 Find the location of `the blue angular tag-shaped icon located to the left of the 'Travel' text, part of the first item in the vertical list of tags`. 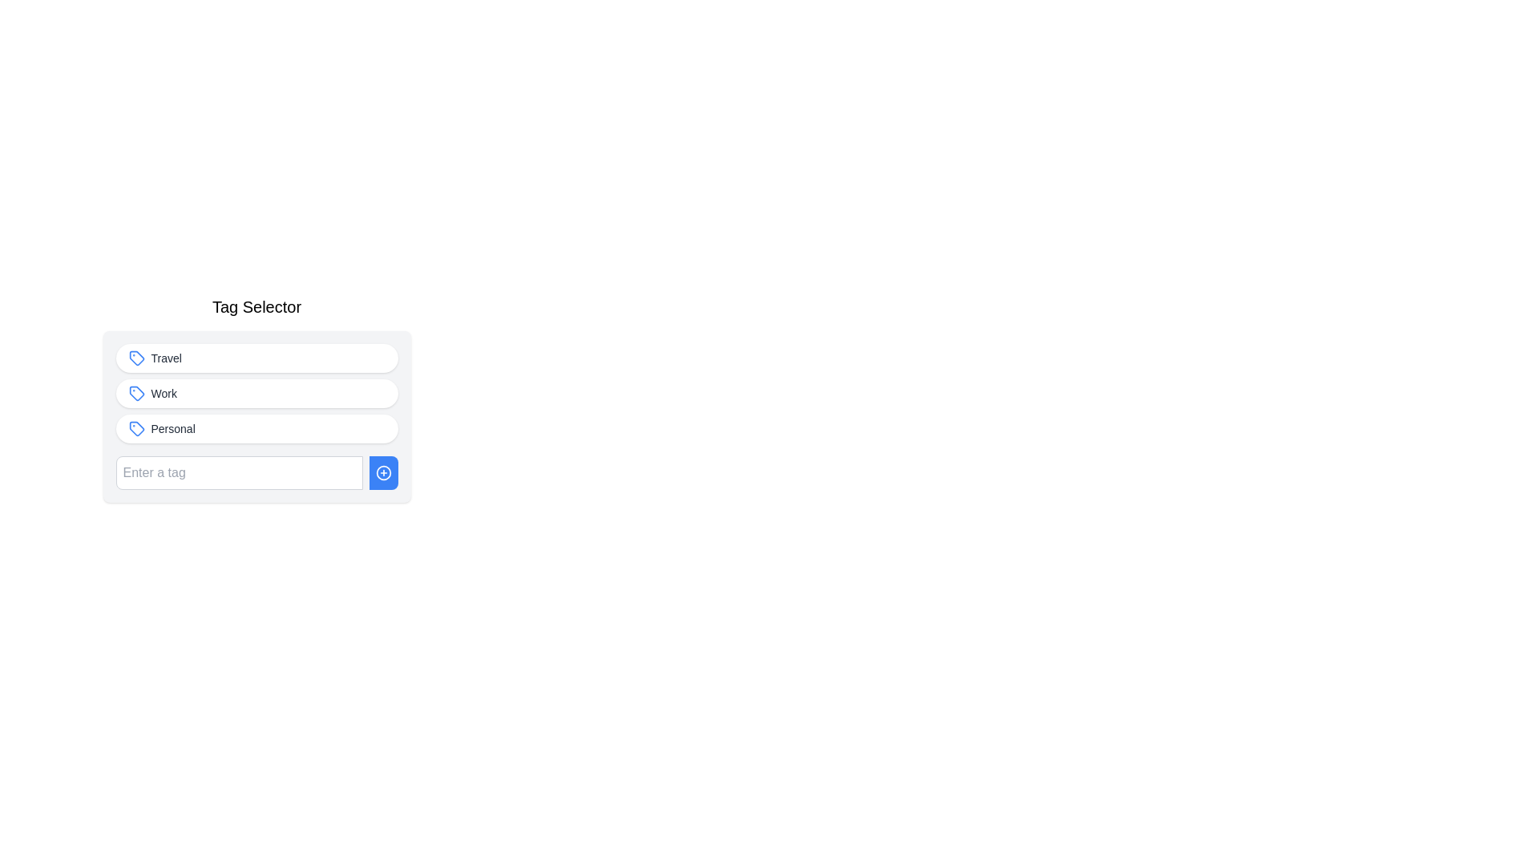

the blue angular tag-shaped icon located to the left of the 'Travel' text, part of the first item in the vertical list of tags is located at coordinates (136, 358).